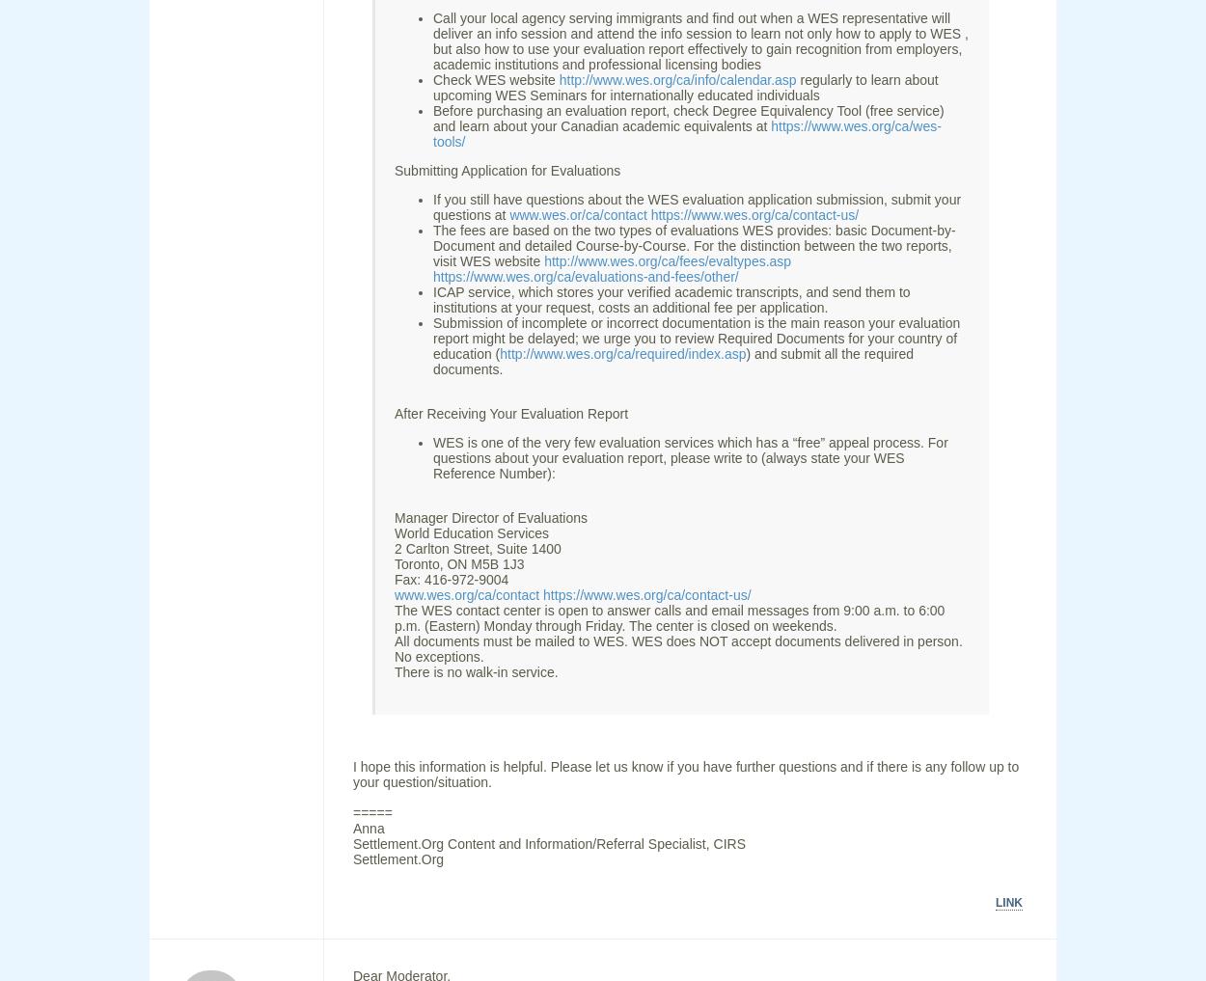 The height and width of the screenshot is (981, 1206). What do you see at coordinates (496, 79) in the screenshot?
I see `'Check WES website'` at bounding box center [496, 79].